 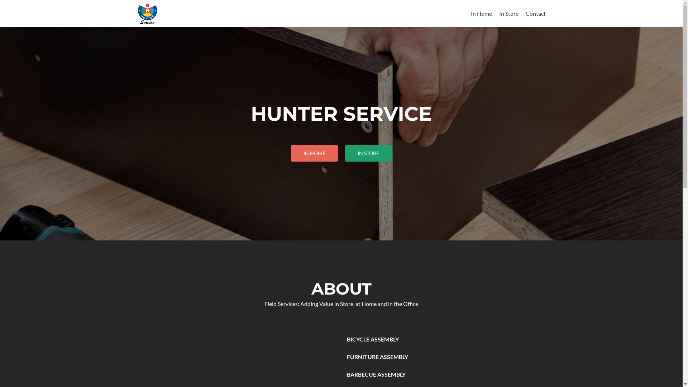 What do you see at coordinates (314, 153) in the screenshot?
I see `'IN HOME'` at bounding box center [314, 153].